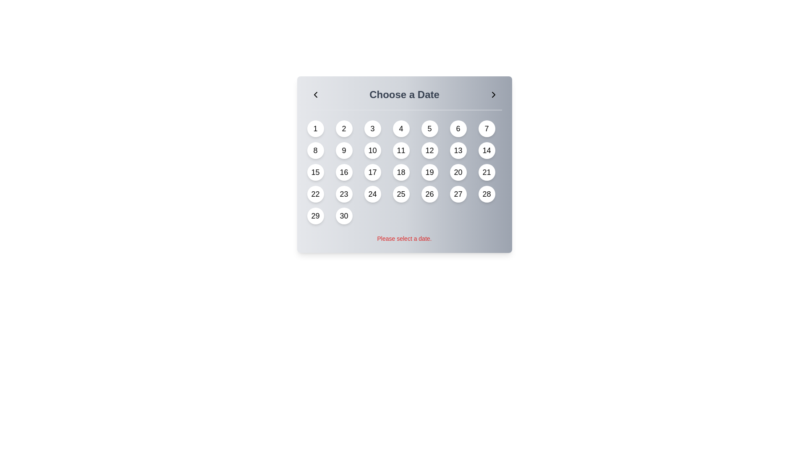 The width and height of the screenshot is (806, 453). I want to click on the Chevron Left icon, which is a triangular shape styled for navigation, located in the top-left corner of the date selection interface aligned with the 'Choose a Date' title, so click(315, 94).